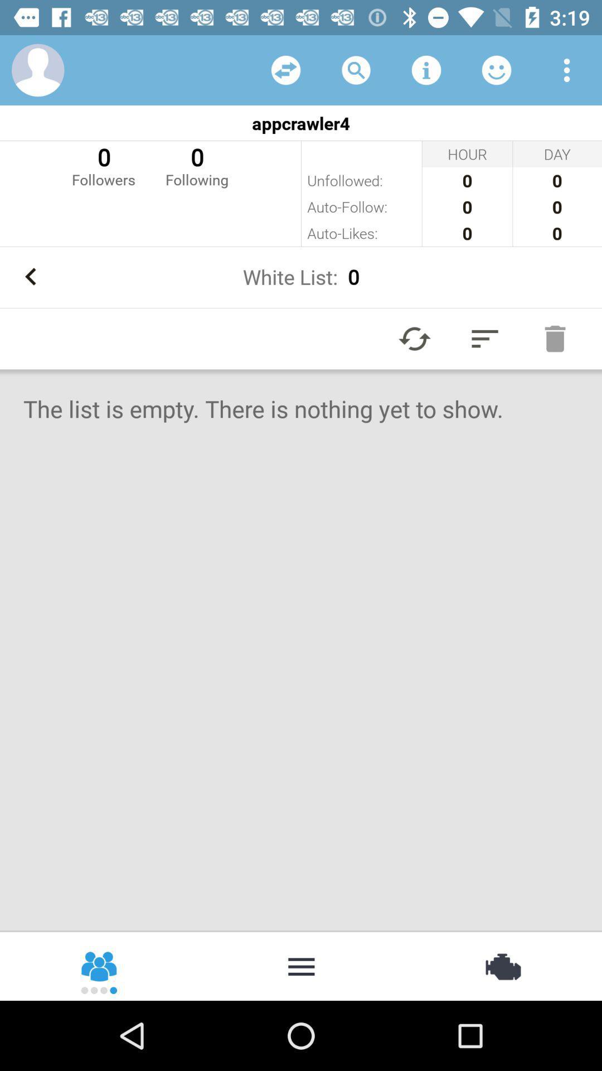 The height and width of the screenshot is (1071, 602). I want to click on go back, so click(30, 277).